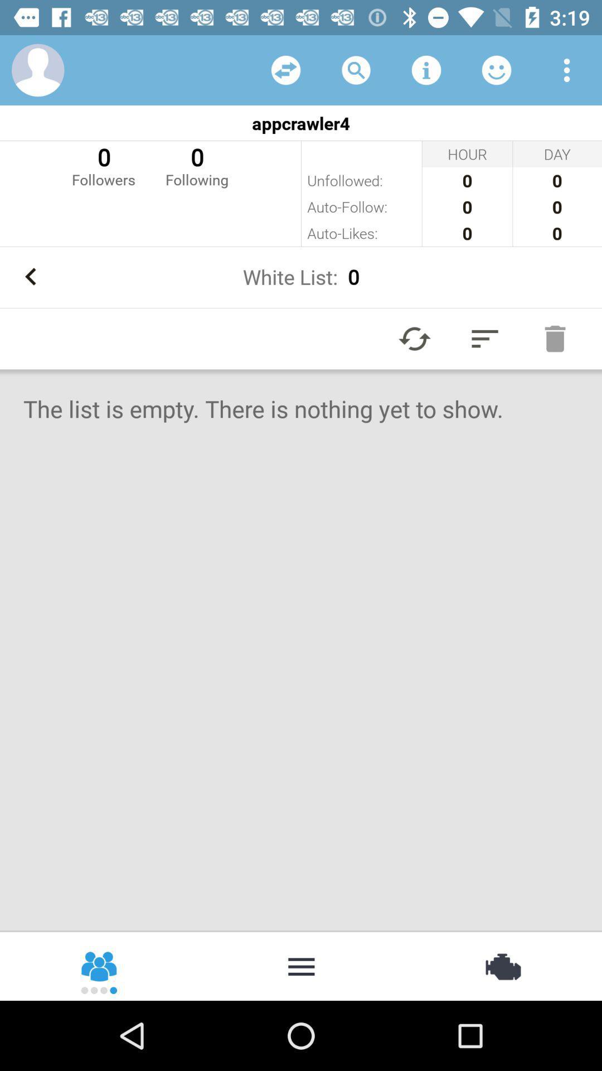 The height and width of the screenshot is (1071, 602). I want to click on go back, so click(30, 277).